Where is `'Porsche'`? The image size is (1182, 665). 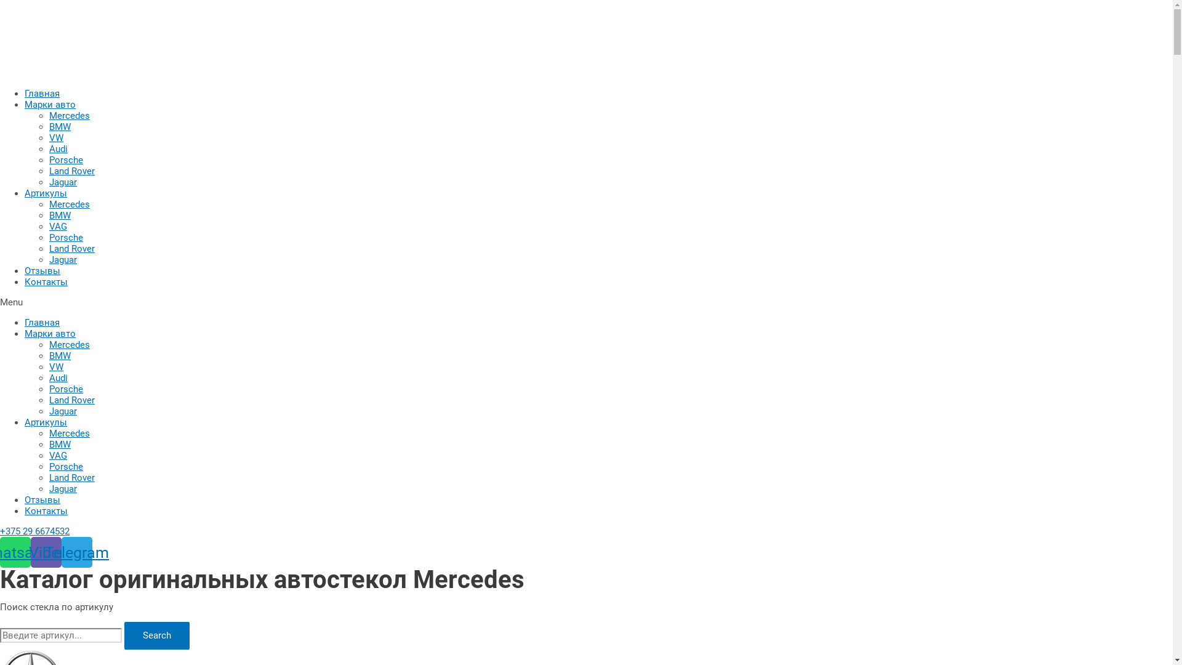
'Porsche' is located at coordinates (65, 159).